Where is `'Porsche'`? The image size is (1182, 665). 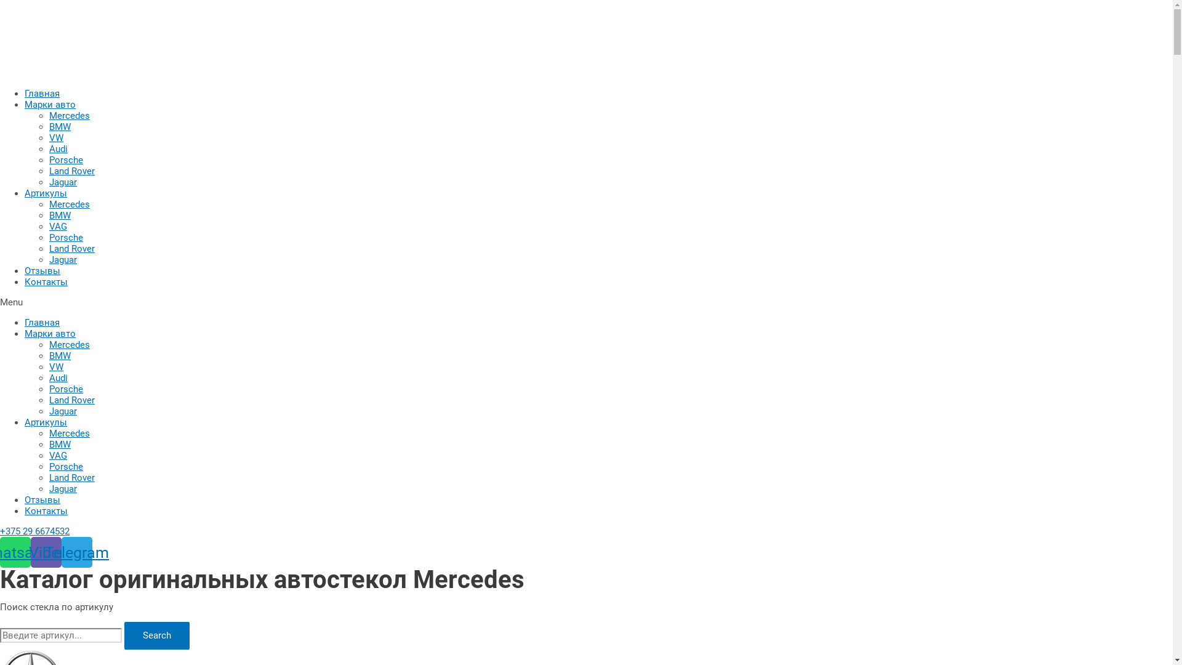
'Porsche' is located at coordinates (65, 159).